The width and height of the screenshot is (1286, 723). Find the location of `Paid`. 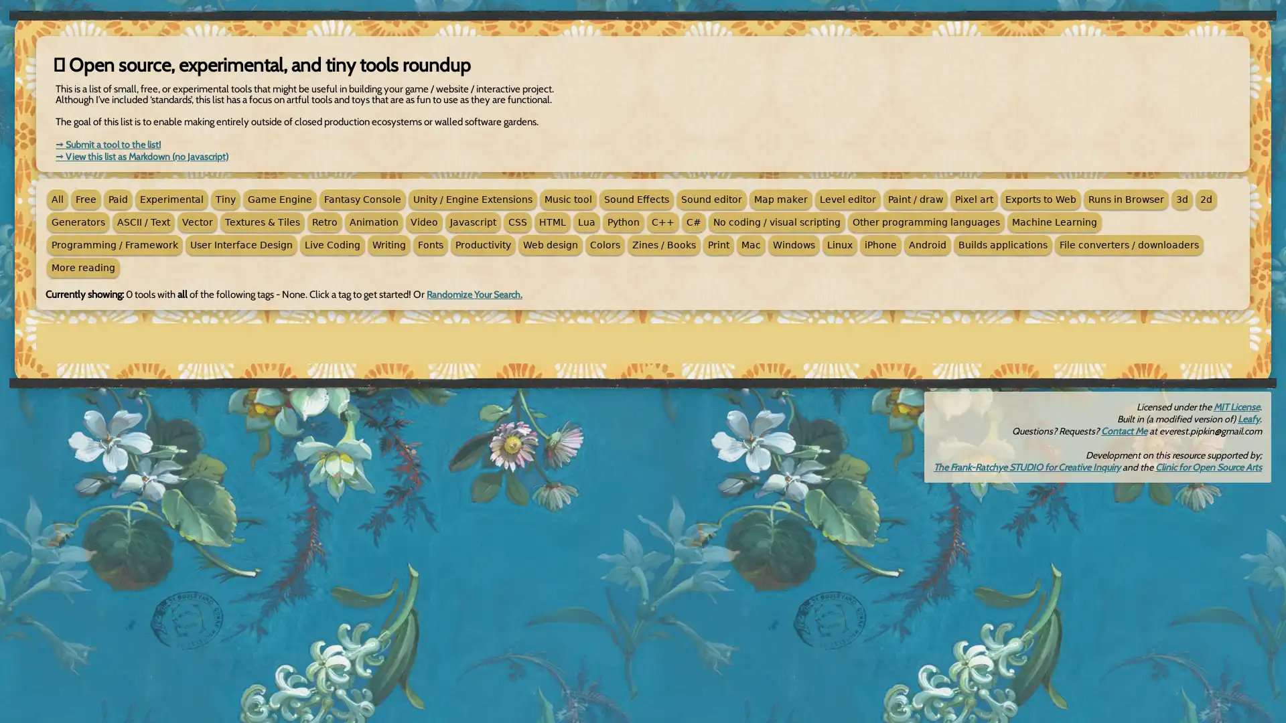

Paid is located at coordinates (118, 199).